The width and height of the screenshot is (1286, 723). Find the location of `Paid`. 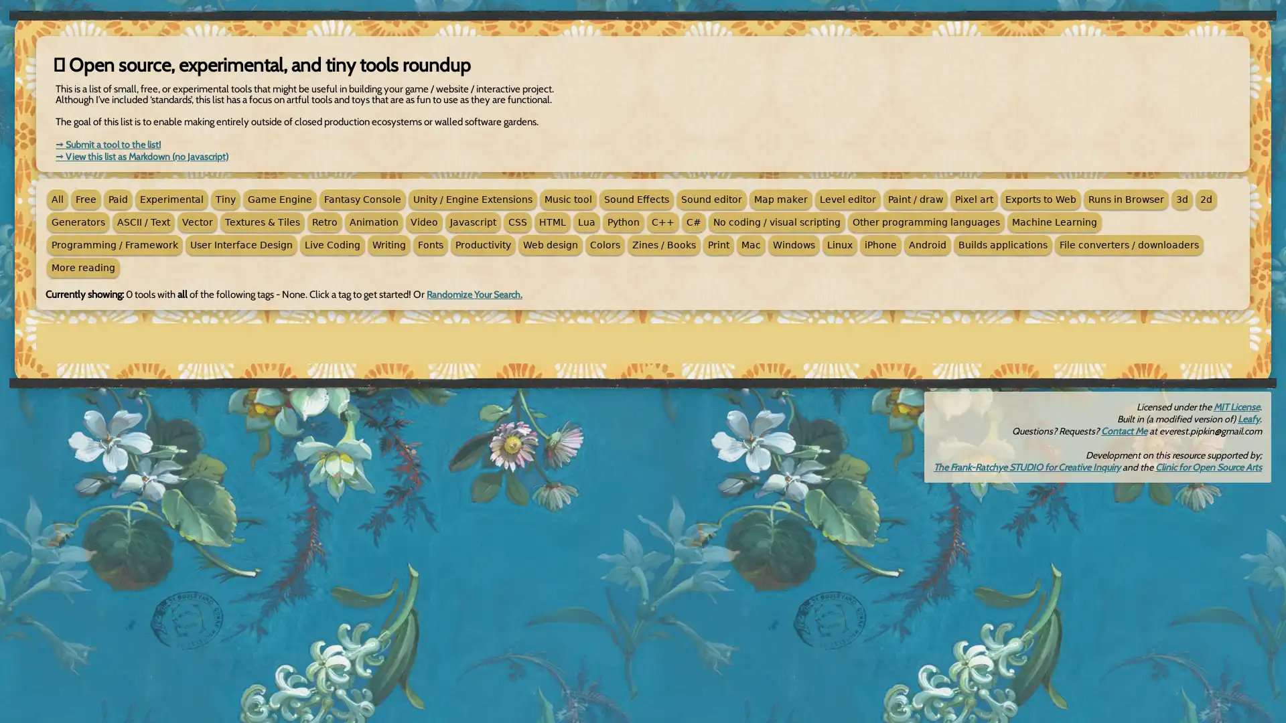

Paid is located at coordinates (118, 199).